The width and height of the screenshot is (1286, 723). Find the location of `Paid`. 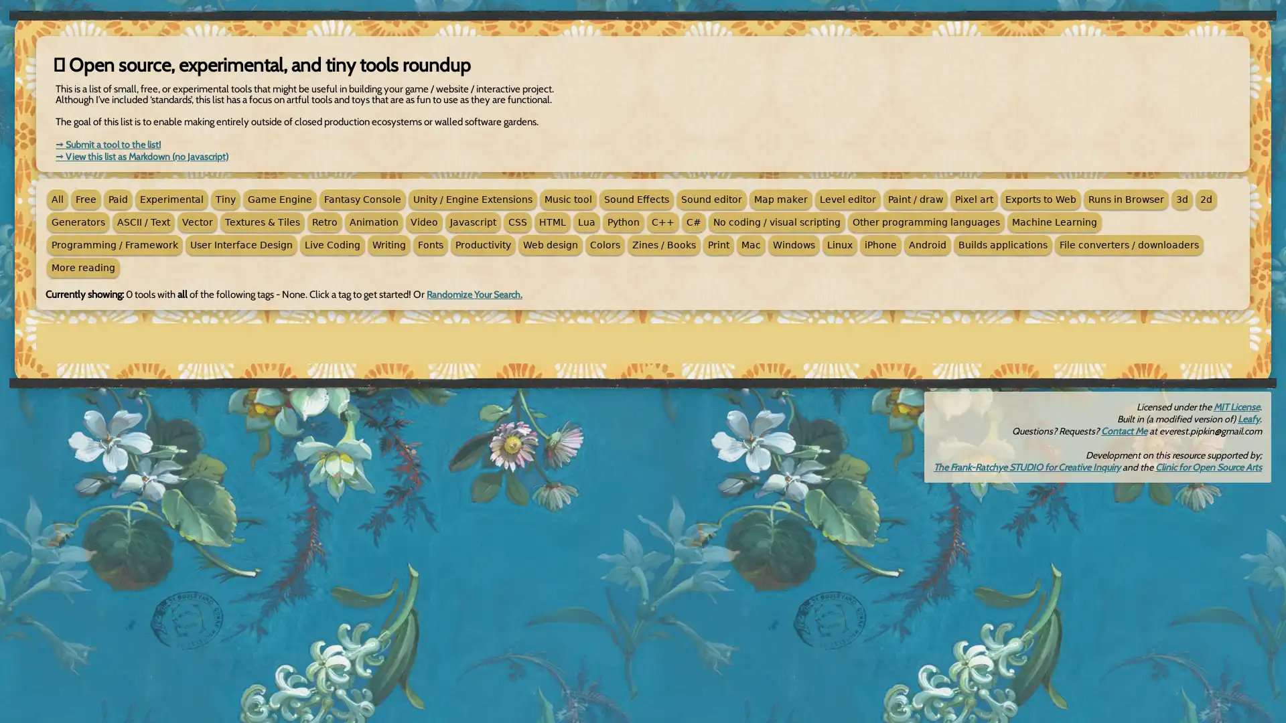

Paid is located at coordinates (118, 199).